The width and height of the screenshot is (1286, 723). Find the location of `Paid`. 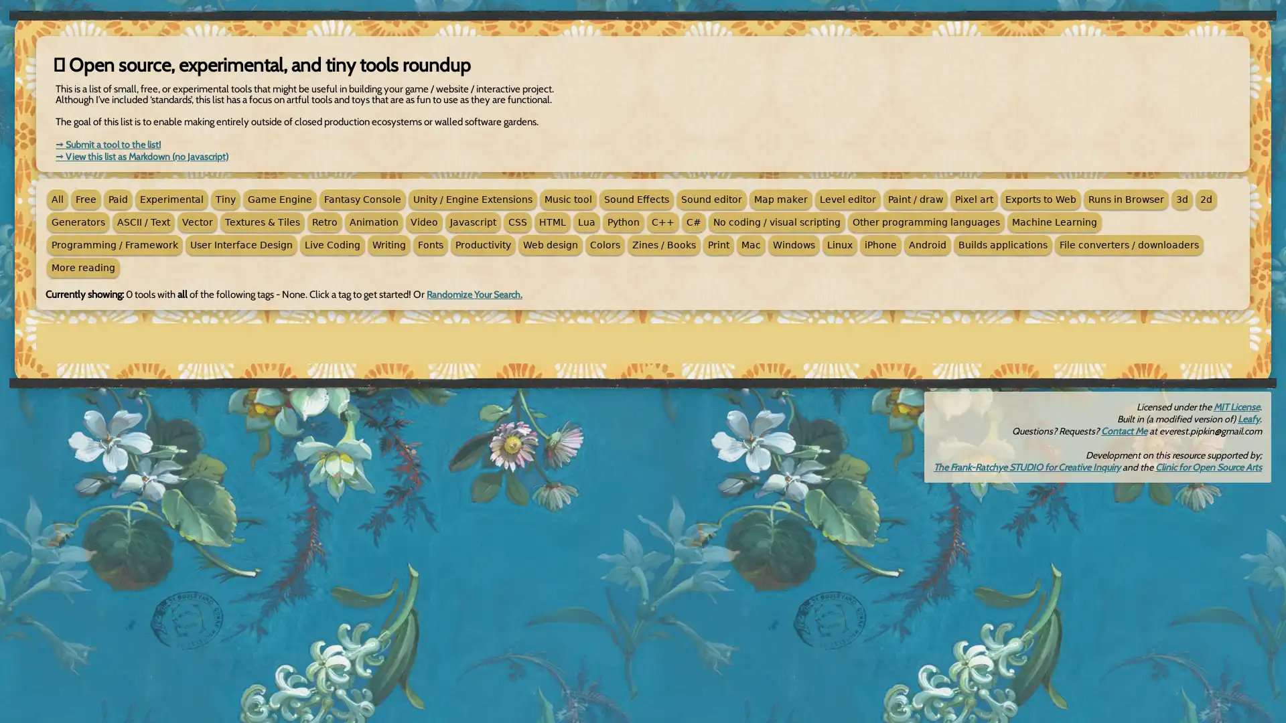

Paid is located at coordinates (118, 199).